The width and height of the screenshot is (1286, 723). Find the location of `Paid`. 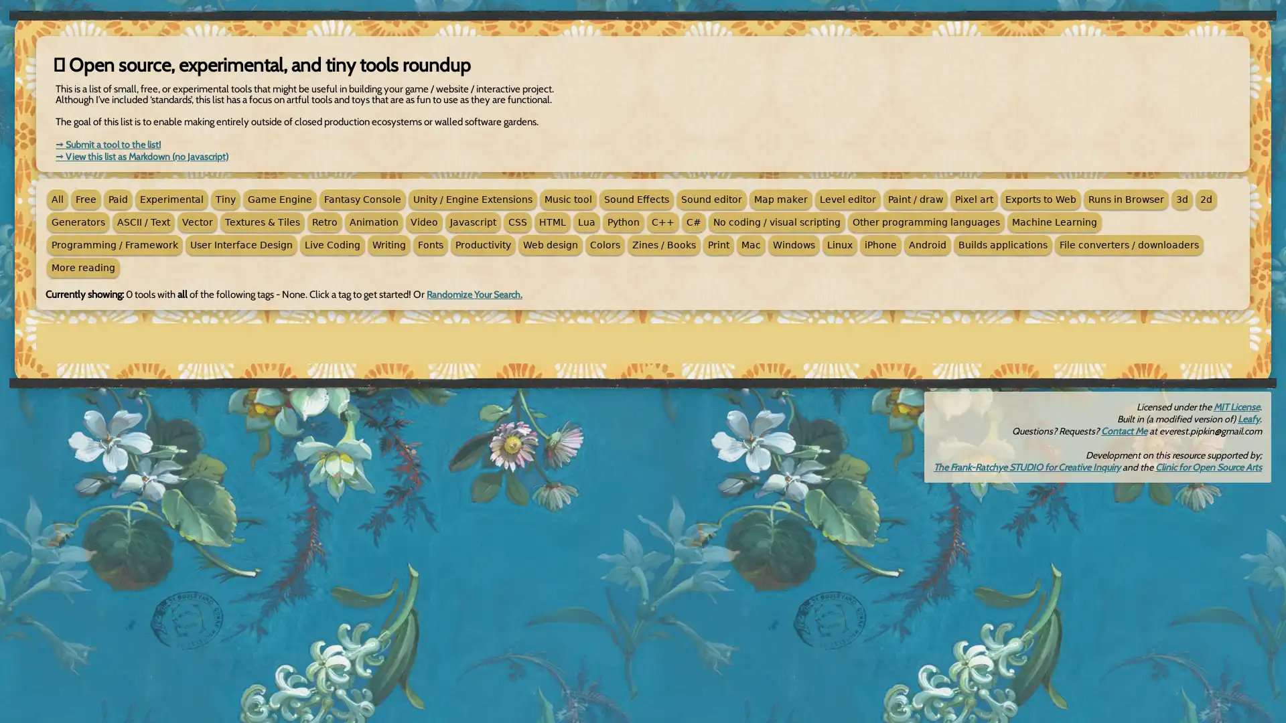

Paid is located at coordinates (118, 199).